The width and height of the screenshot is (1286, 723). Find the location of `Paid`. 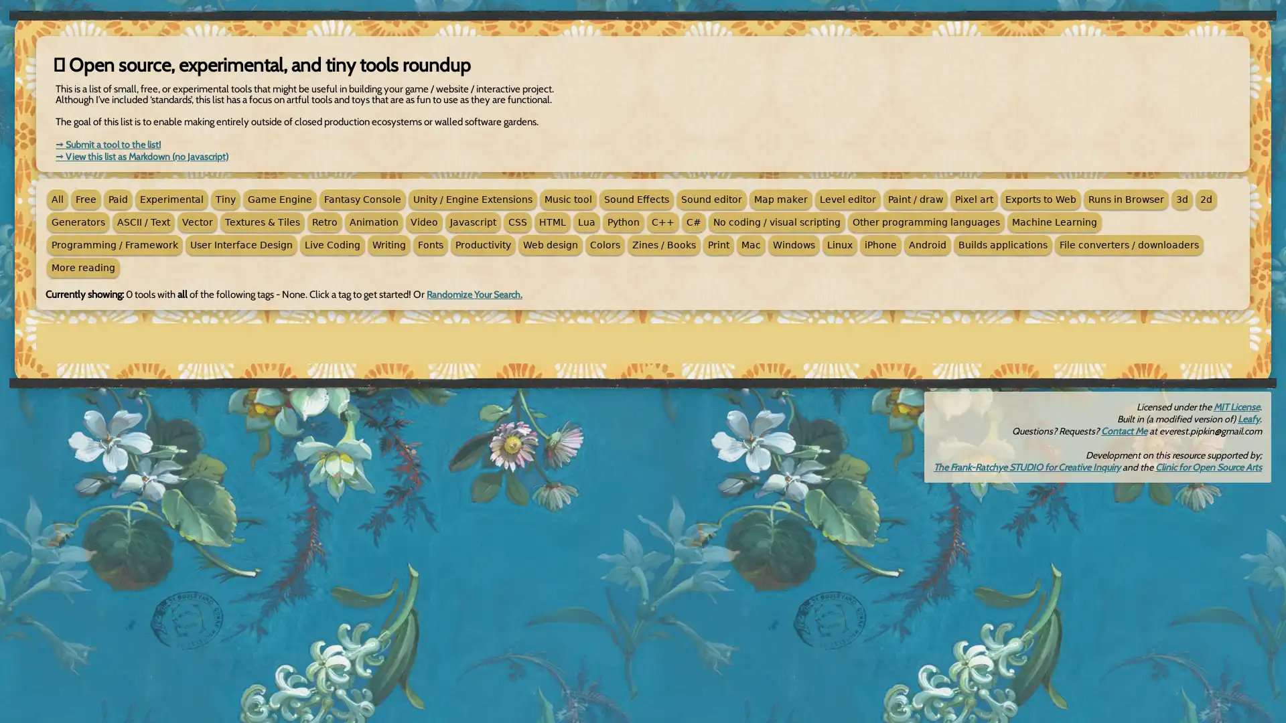

Paid is located at coordinates (118, 199).